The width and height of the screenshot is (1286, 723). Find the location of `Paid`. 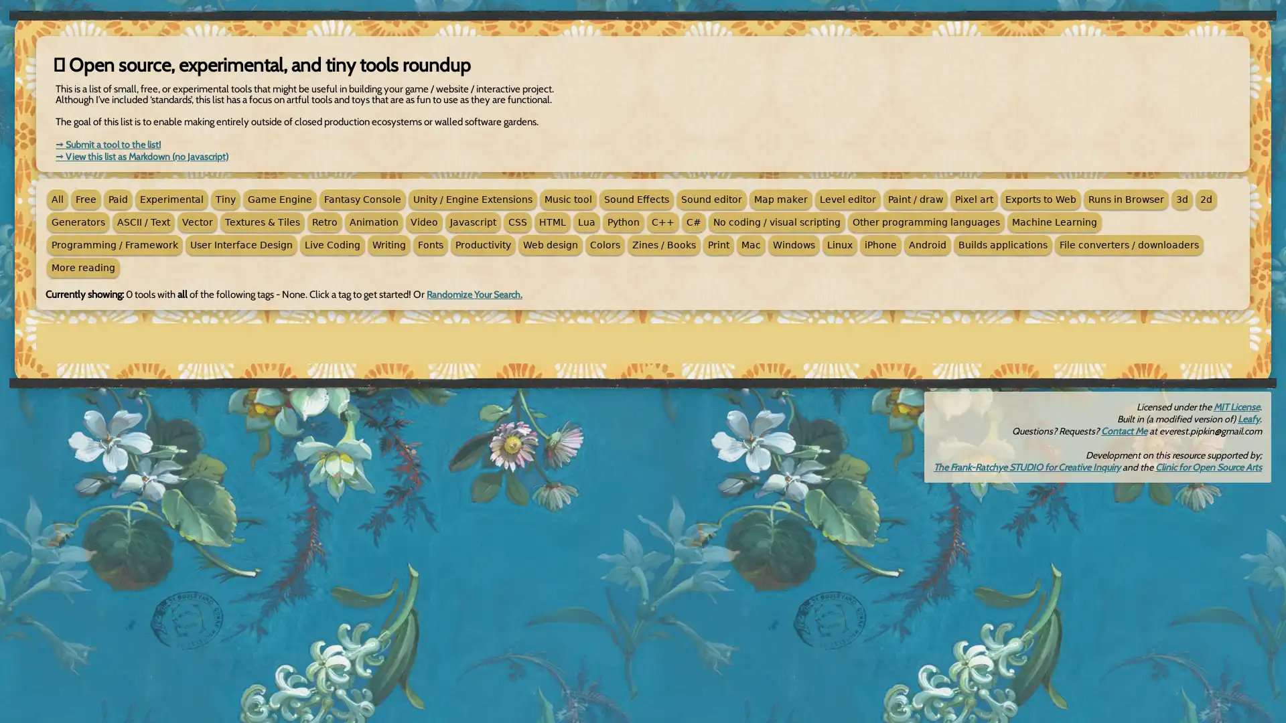

Paid is located at coordinates (118, 199).